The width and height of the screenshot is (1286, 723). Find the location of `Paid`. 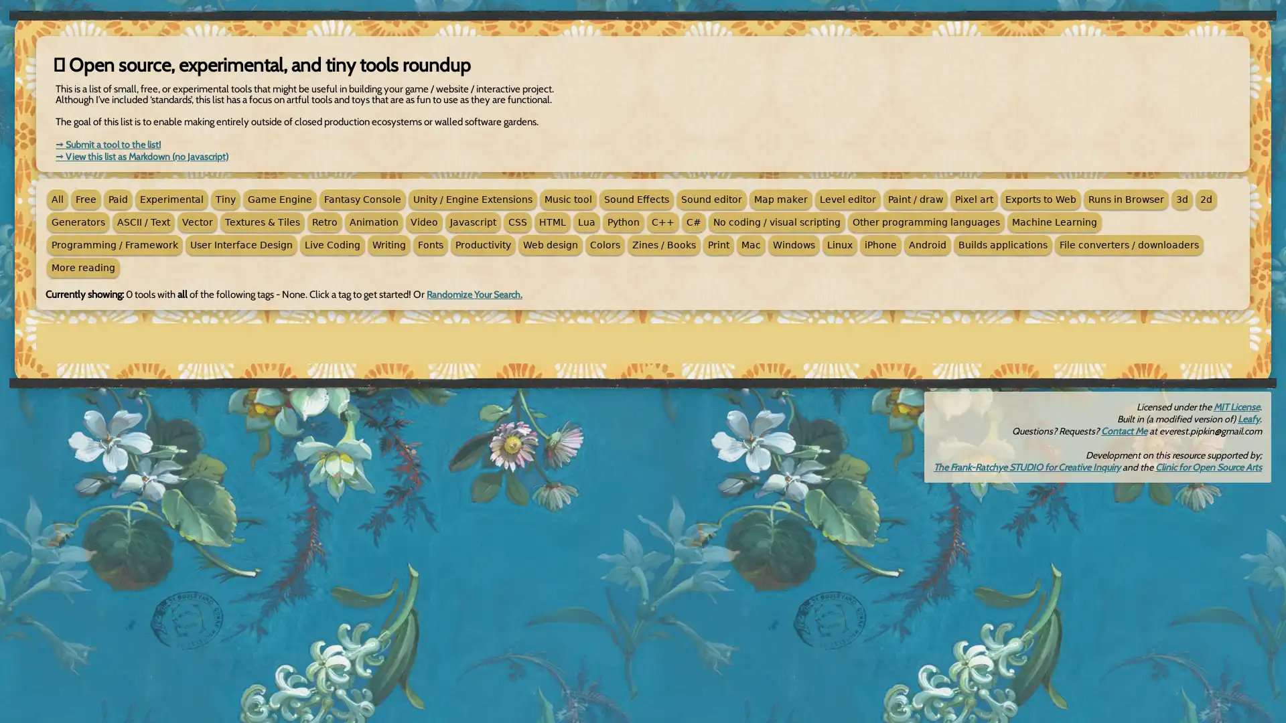

Paid is located at coordinates (118, 199).